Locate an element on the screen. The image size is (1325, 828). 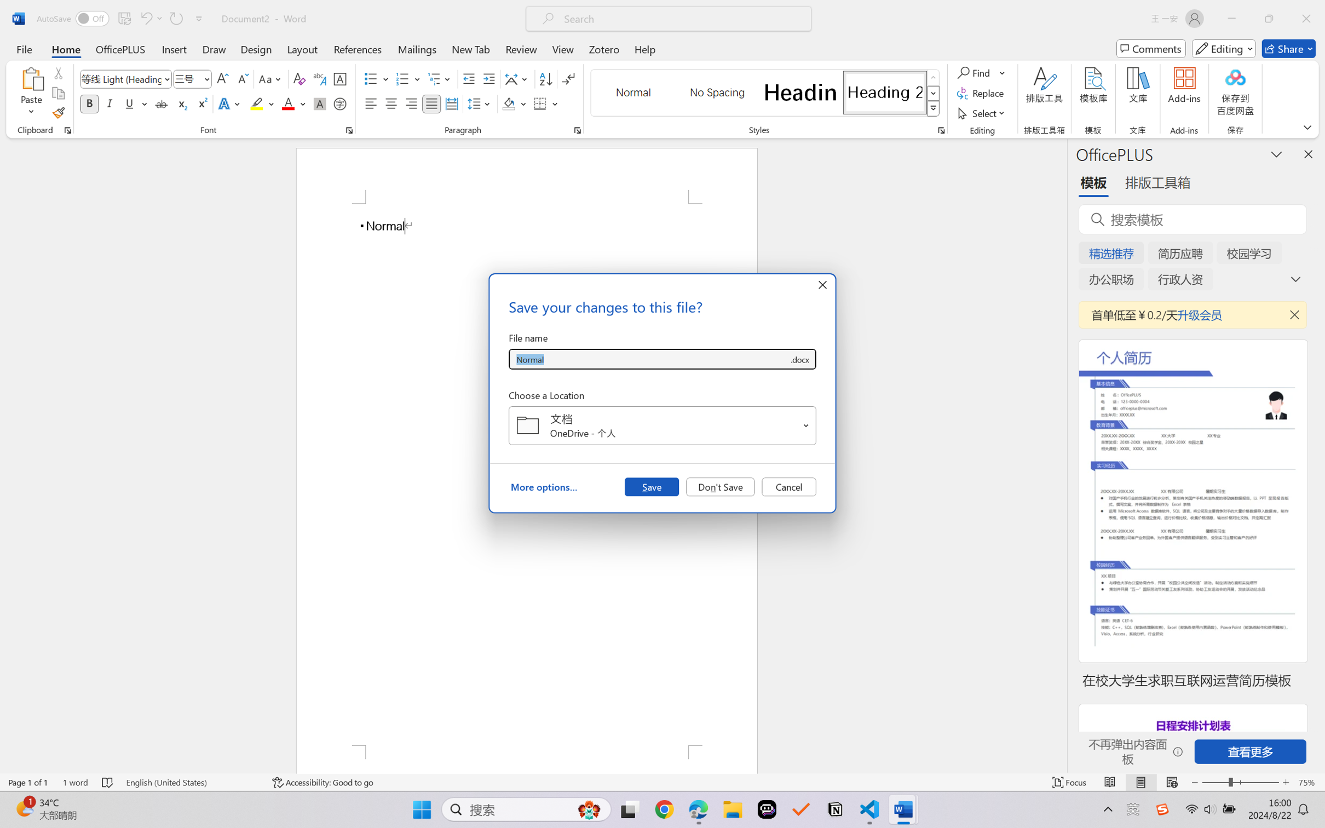
'Copy' is located at coordinates (57, 93).